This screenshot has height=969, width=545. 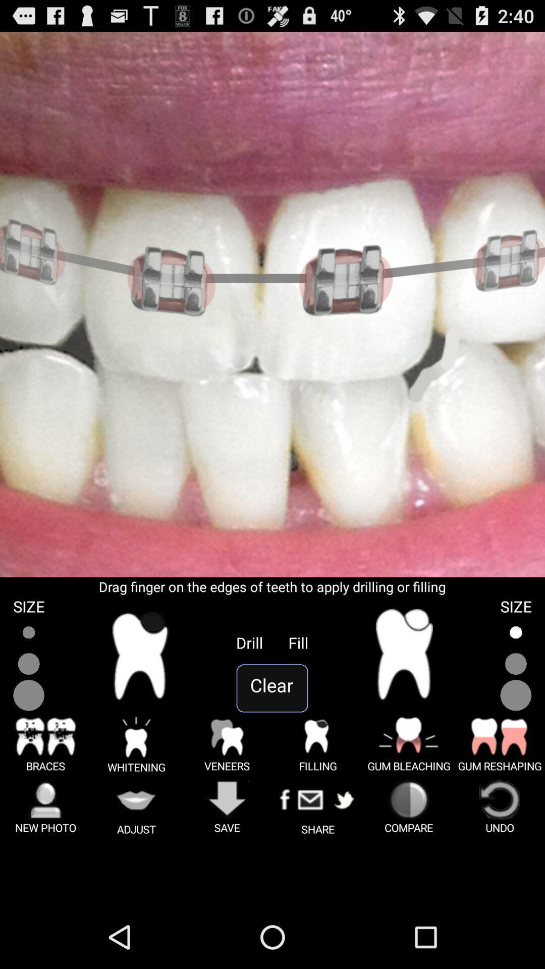 I want to click on symbol beside veneers, so click(x=317, y=744).